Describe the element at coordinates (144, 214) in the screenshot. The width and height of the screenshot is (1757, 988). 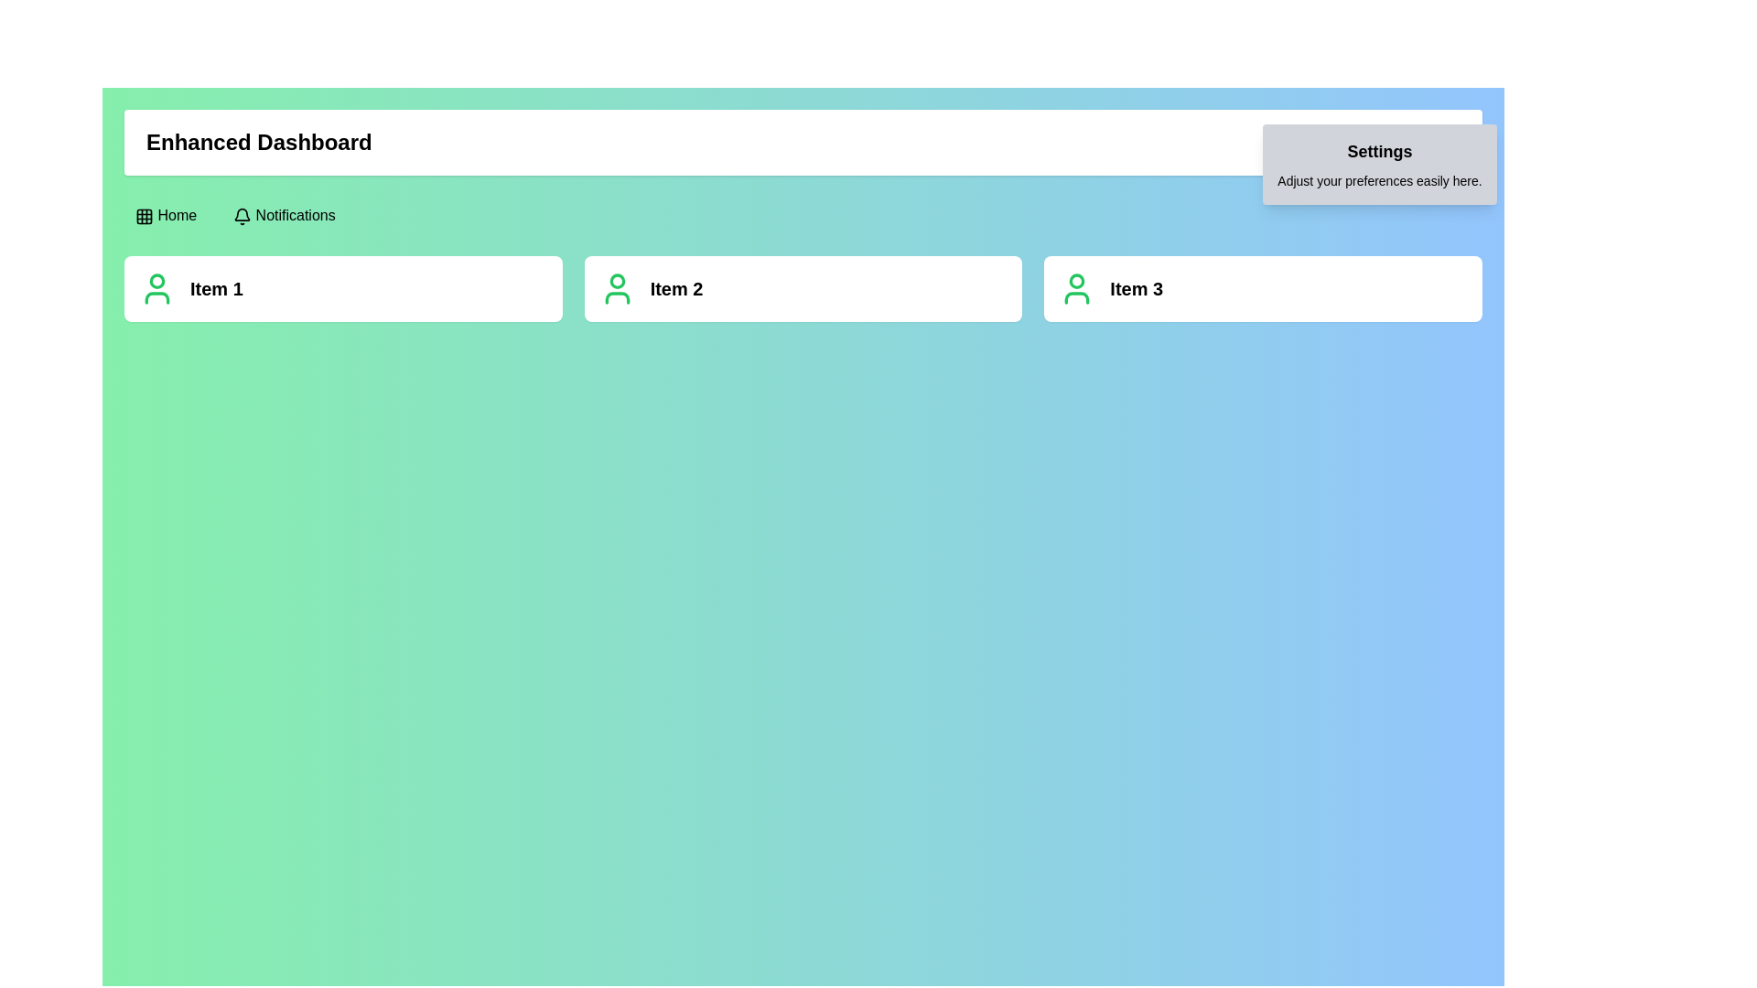
I see `the grid icon element located in the 'Home' tab section of the navigation bar, which features a black outline and a 3x3 layout of smaller squares` at that location.